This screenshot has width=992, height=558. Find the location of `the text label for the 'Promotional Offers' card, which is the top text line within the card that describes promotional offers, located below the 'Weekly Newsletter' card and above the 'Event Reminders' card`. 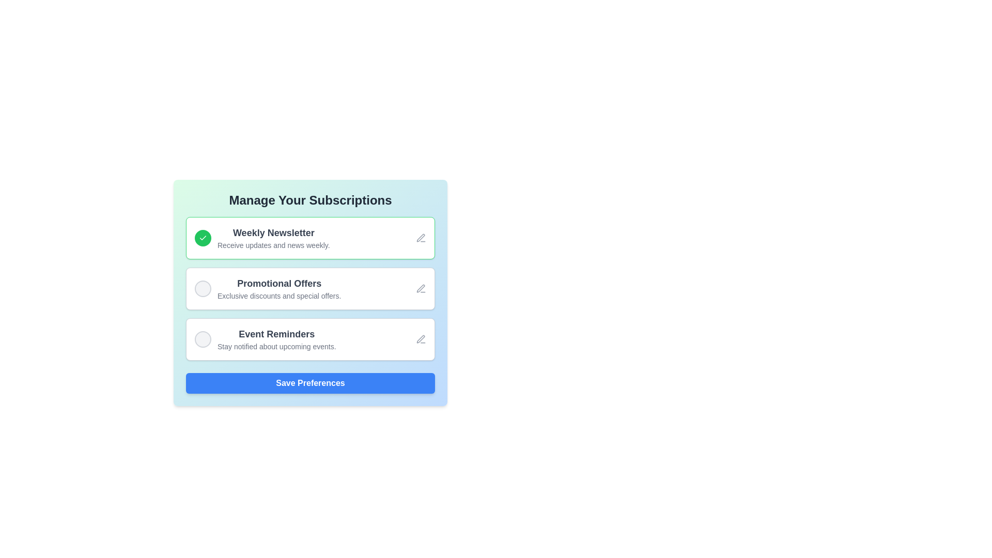

the text label for the 'Promotional Offers' card, which is the top text line within the card that describes promotional offers, located below the 'Weekly Newsletter' card and above the 'Event Reminders' card is located at coordinates (279, 283).